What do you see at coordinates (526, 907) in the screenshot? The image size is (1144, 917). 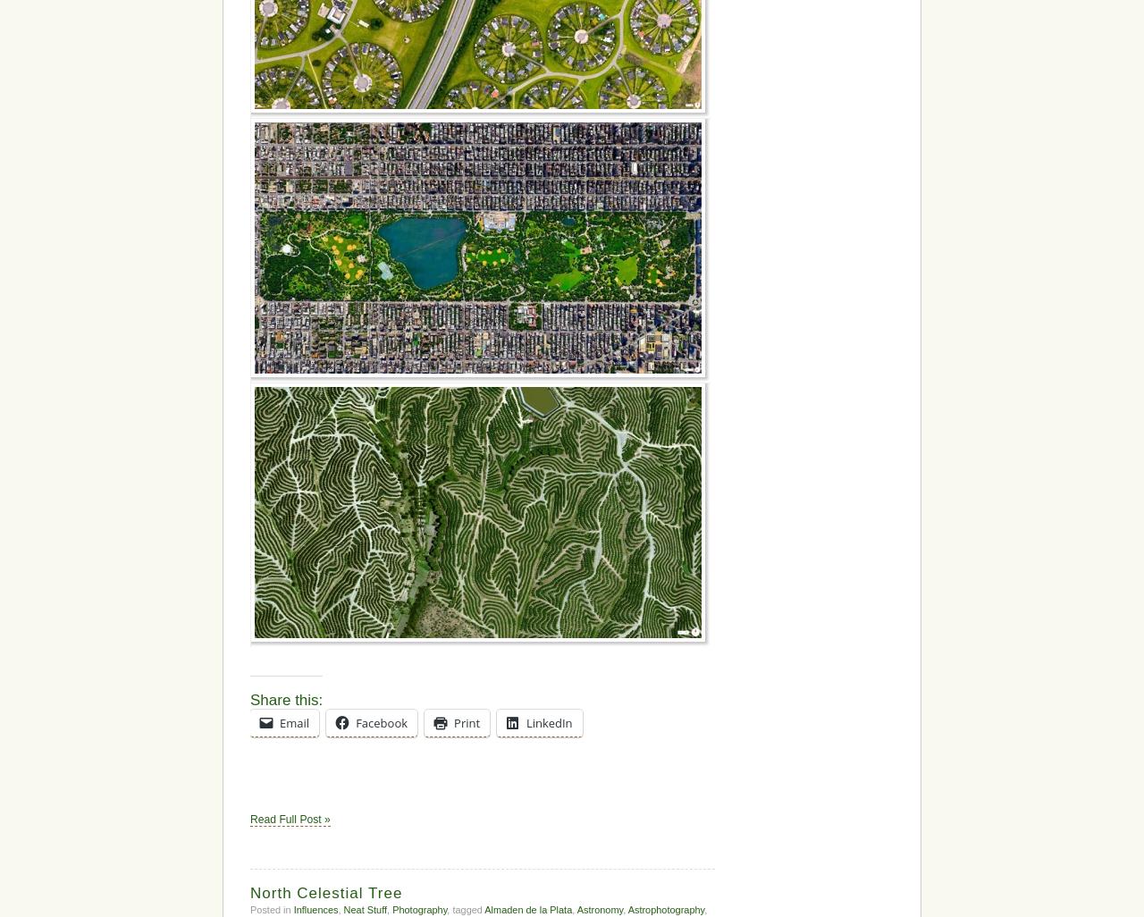 I see `'Almaden de la Plata'` at bounding box center [526, 907].